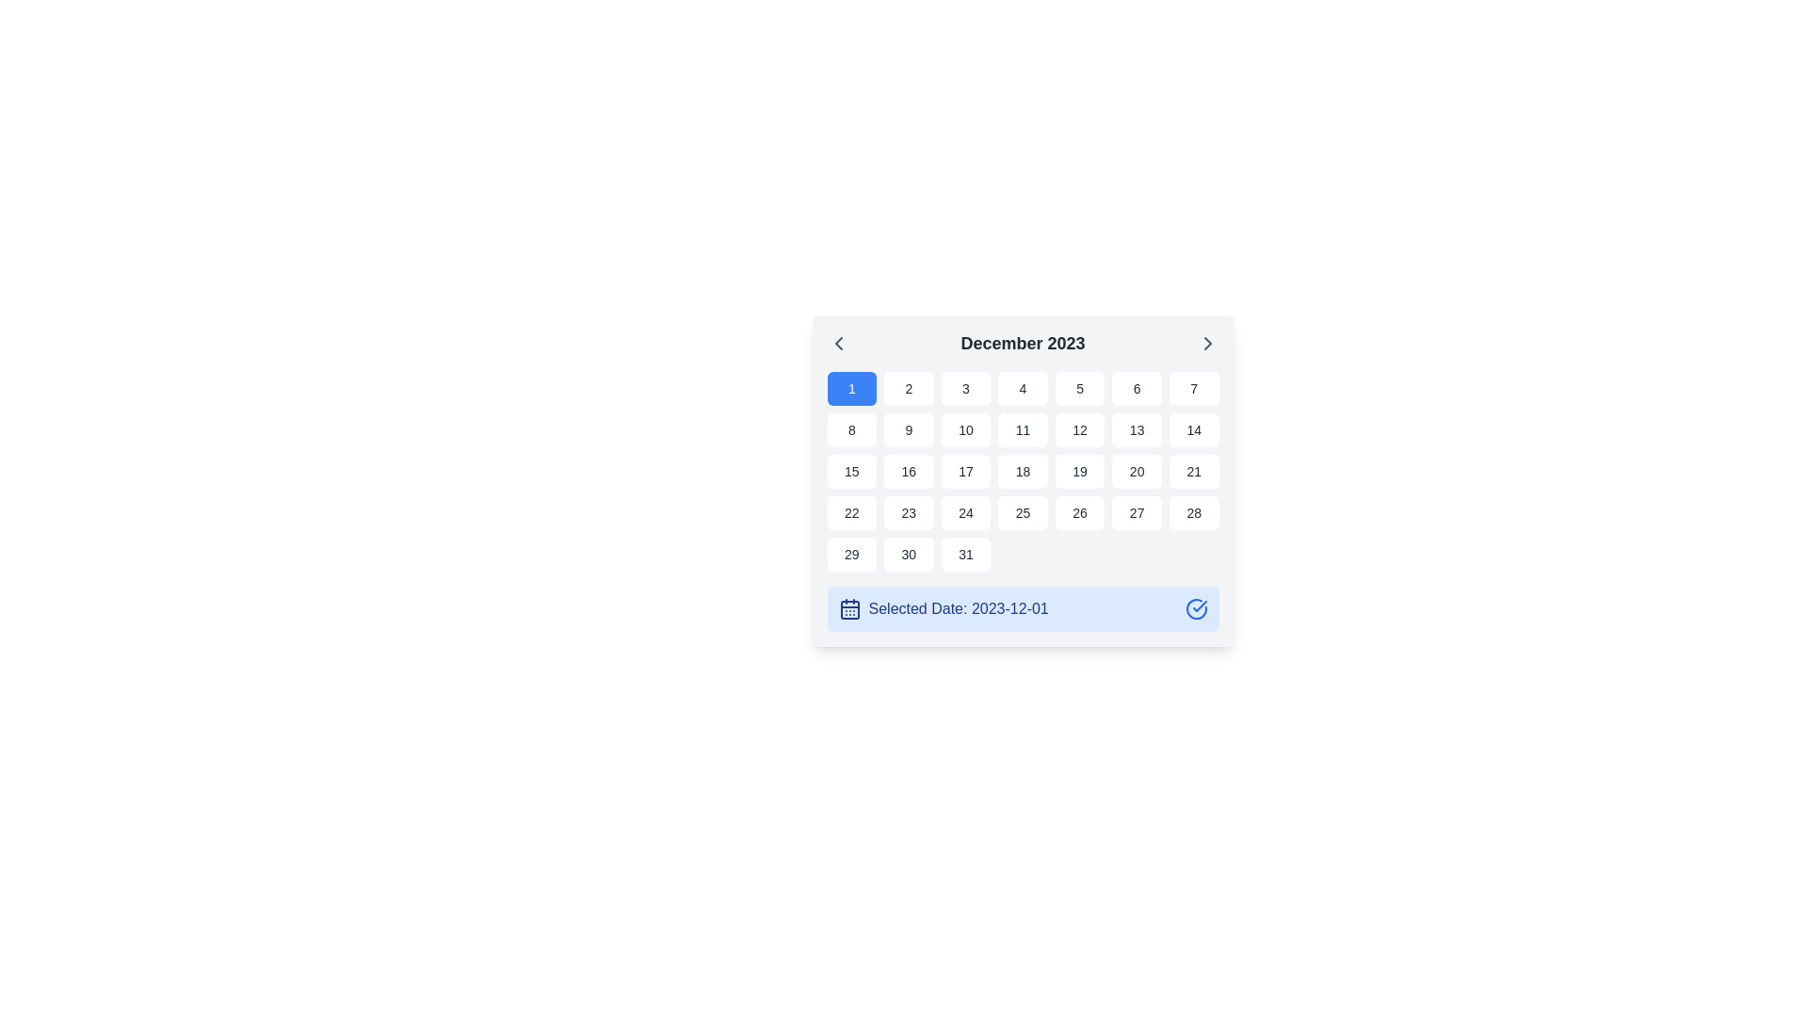 This screenshot has height=1017, width=1808. What do you see at coordinates (965, 471) in the screenshot?
I see `the calendar button labeled '17'` at bounding box center [965, 471].